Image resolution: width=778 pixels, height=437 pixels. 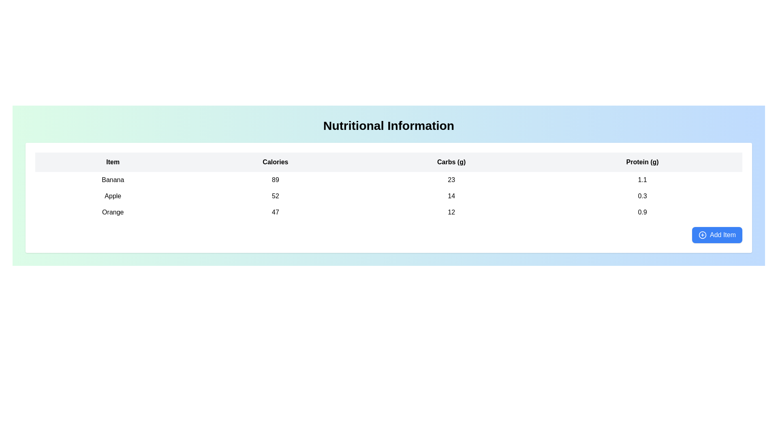 What do you see at coordinates (112, 179) in the screenshot?
I see `the text label displaying the name 'Banana' in the first row and first column of the table under the 'Item' heading` at bounding box center [112, 179].